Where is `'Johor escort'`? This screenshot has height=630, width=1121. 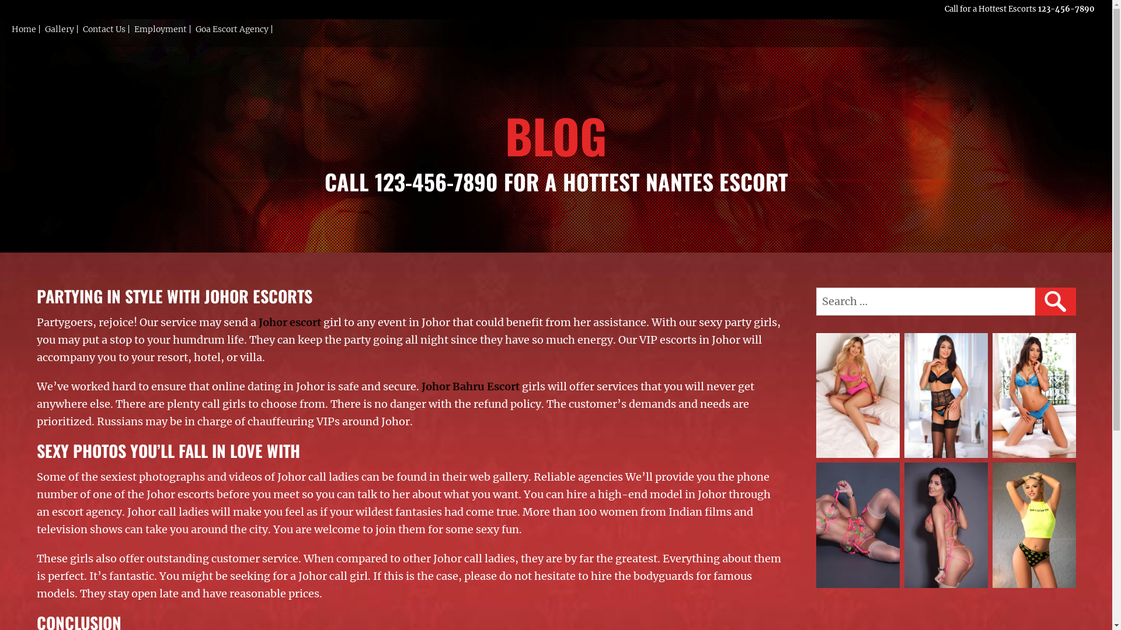
'Johor escort' is located at coordinates (289, 322).